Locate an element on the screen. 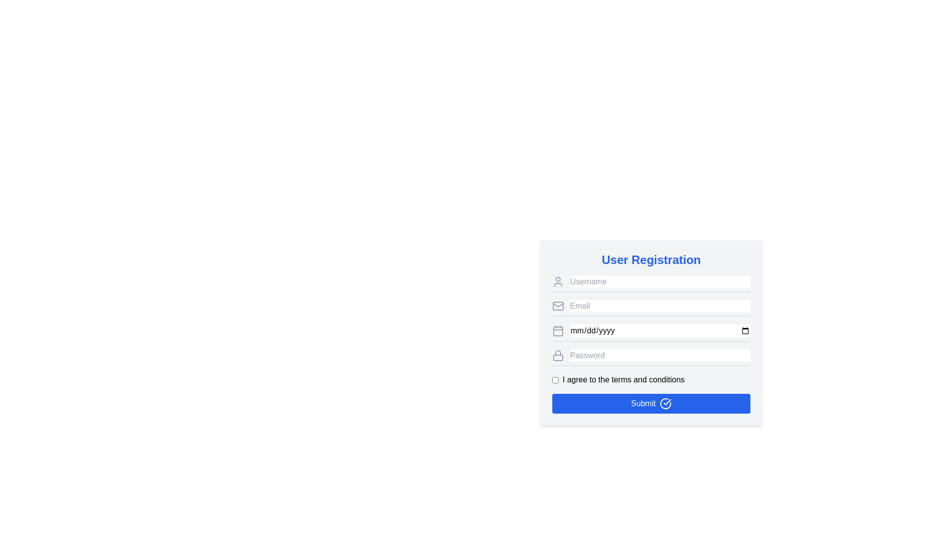 The width and height of the screenshot is (951, 535). the blue rectangular 'Submit' button with rounded corners, labeled in white is located at coordinates (651, 403).